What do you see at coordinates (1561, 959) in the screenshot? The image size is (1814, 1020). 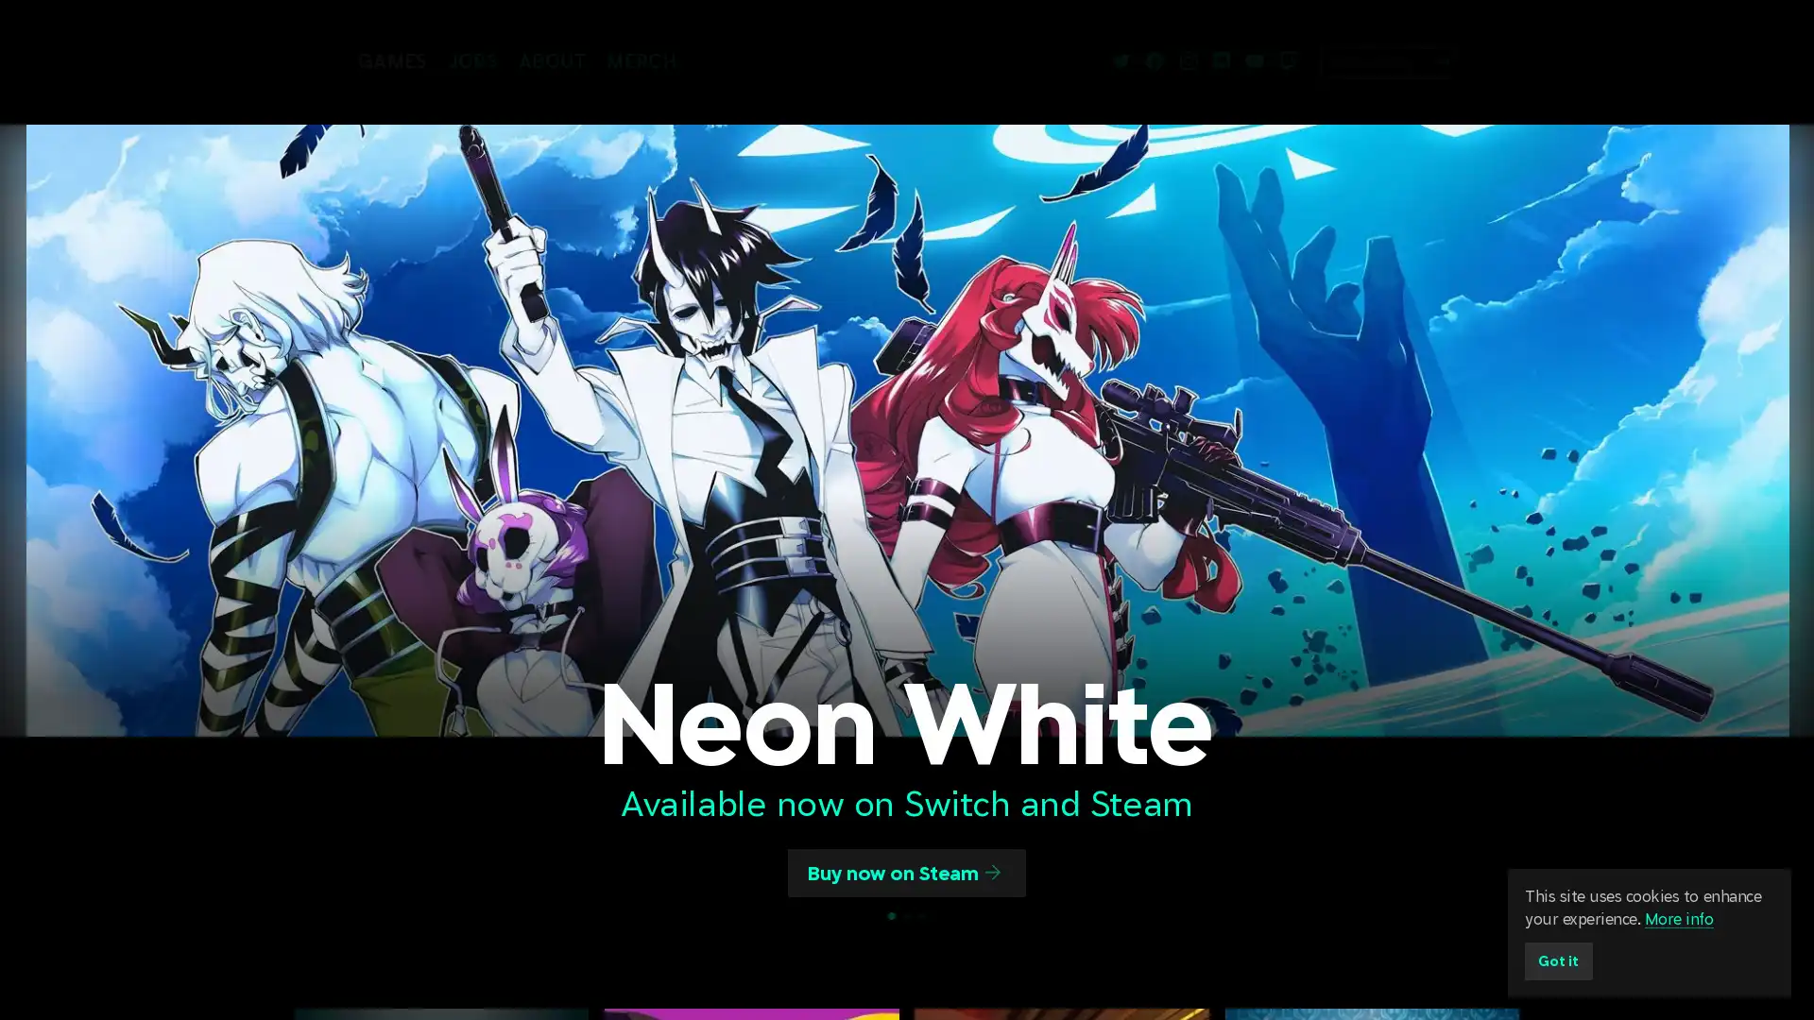 I see `Got it` at bounding box center [1561, 959].